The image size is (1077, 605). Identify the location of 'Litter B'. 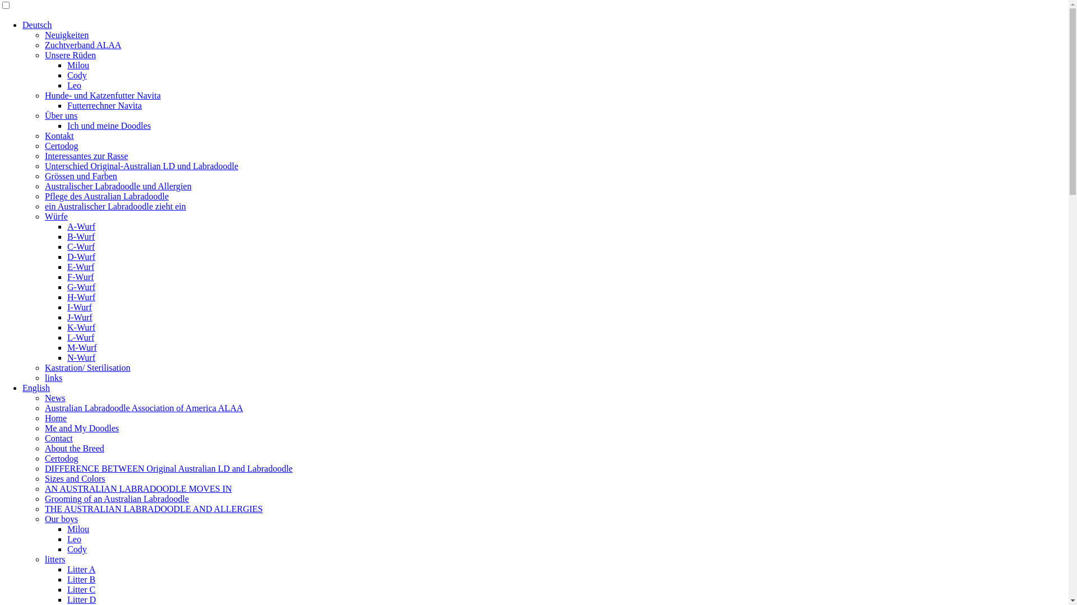
(80, 579).